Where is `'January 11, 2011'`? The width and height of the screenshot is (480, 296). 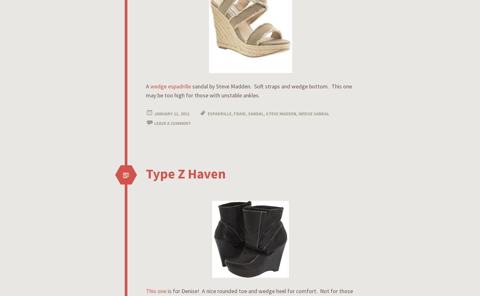
'January 11, 2011' is located at coordinates (172, 114).